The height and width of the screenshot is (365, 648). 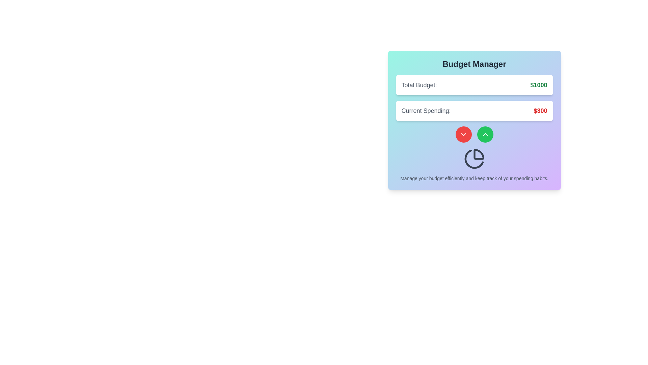 I want to click on the button that increases the value in the 'Current Spending' field, located to the right of a red circular button with a downward chevron, so click(x=485, y=134).